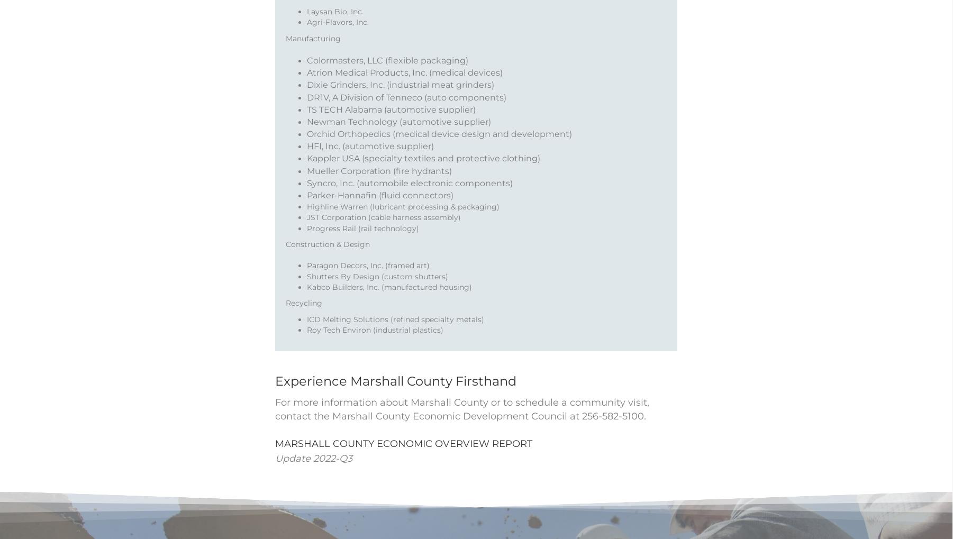 The height and width of the screenshot is (539, 953). I want to click on 'DR1V, A Division of Tenneco (auto components)', so click(406, 110).